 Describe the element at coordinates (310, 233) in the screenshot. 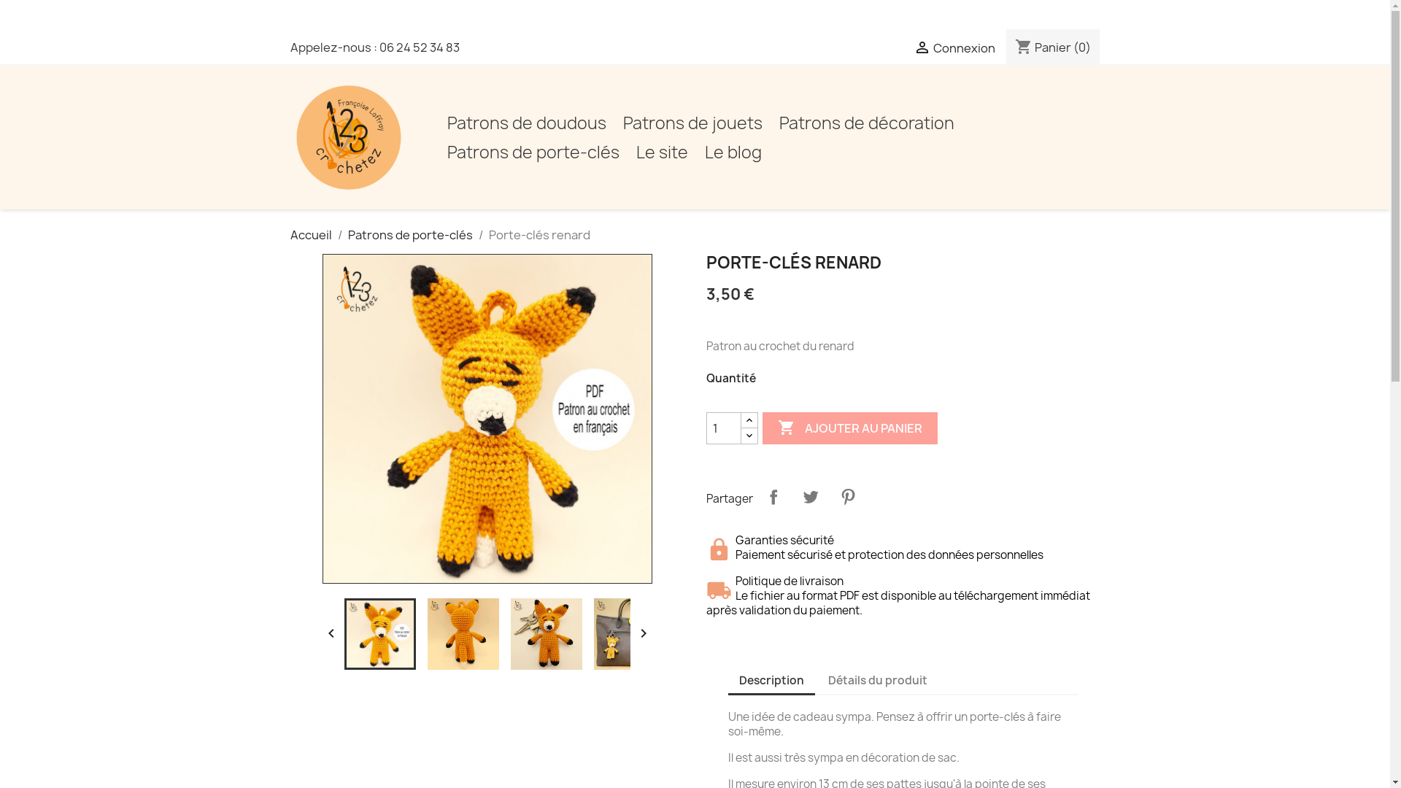

I see `'Accueil'` at that location.